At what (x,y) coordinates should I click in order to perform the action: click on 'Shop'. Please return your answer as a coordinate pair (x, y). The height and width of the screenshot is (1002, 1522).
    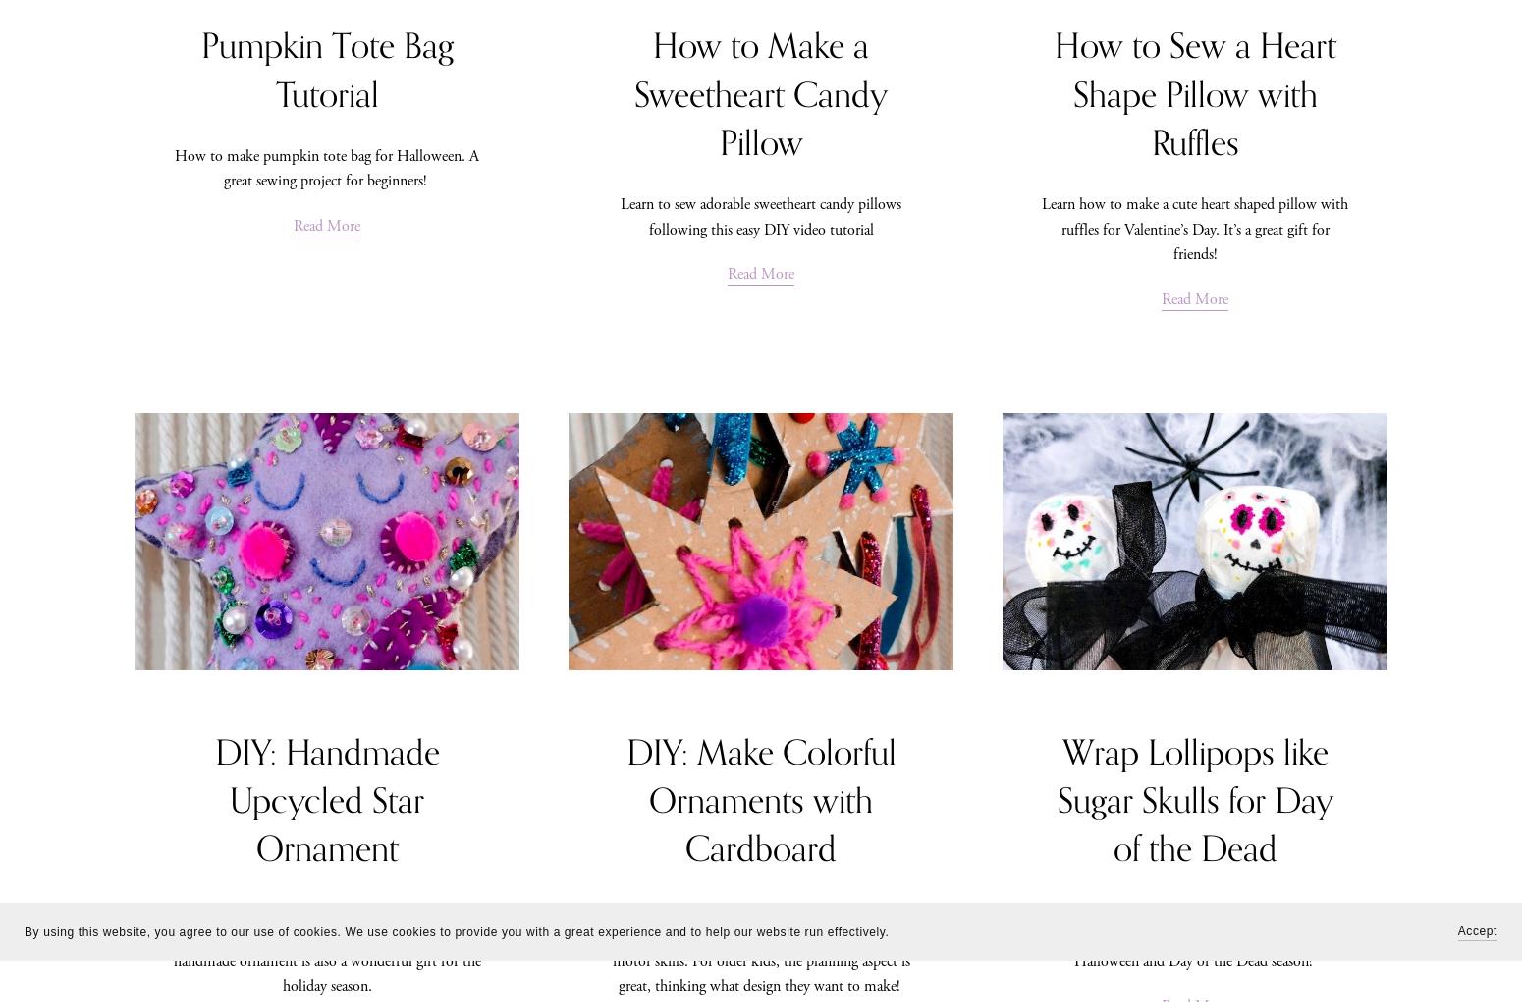
    Looking at the image, I should click on (761, 188).